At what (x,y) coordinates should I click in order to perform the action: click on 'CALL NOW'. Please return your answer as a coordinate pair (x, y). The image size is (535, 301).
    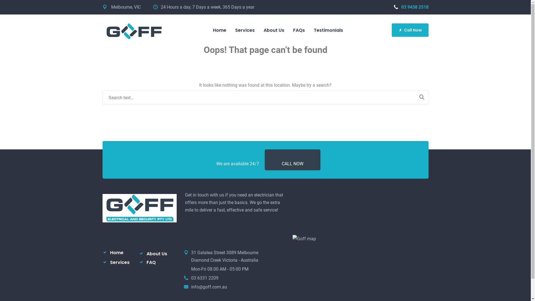
    Looking at the image, I should click on (292, 163).